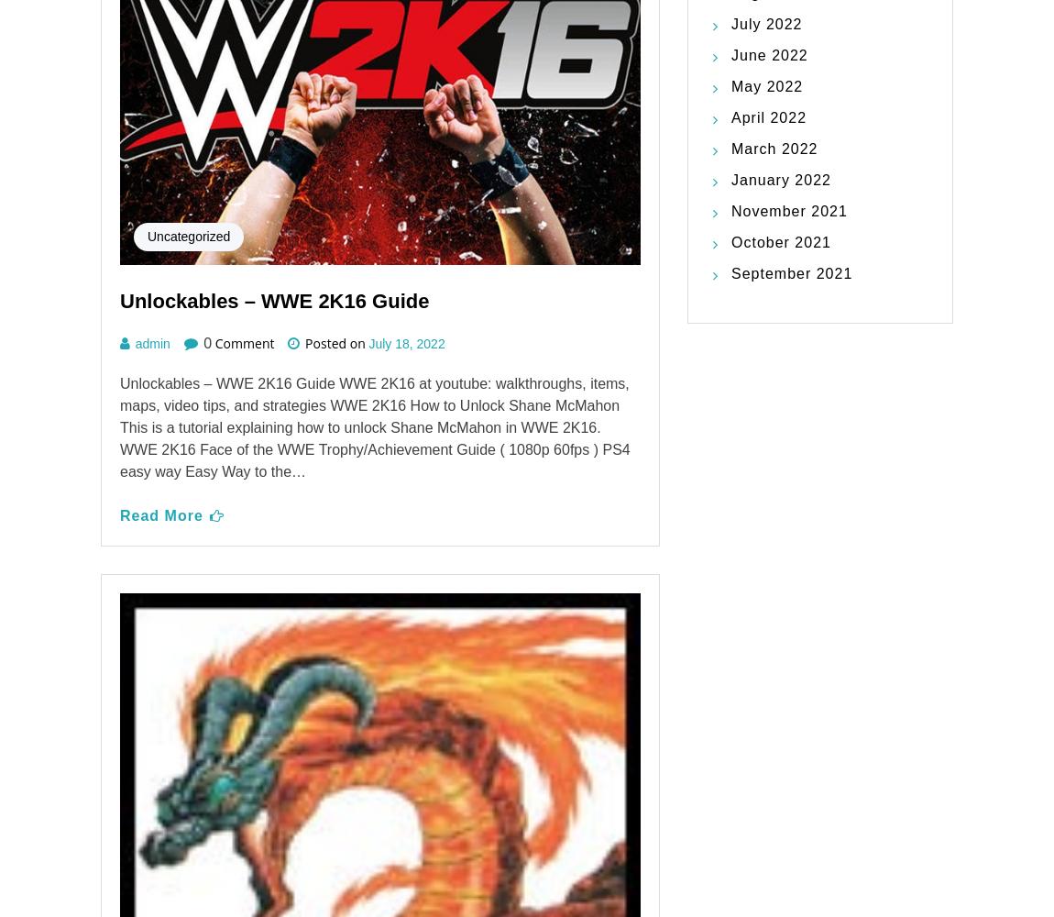 The image size is (1054, 917). Describe the element at coordinates (150, 531) in the screenshot. I see `'admin'` at that location.